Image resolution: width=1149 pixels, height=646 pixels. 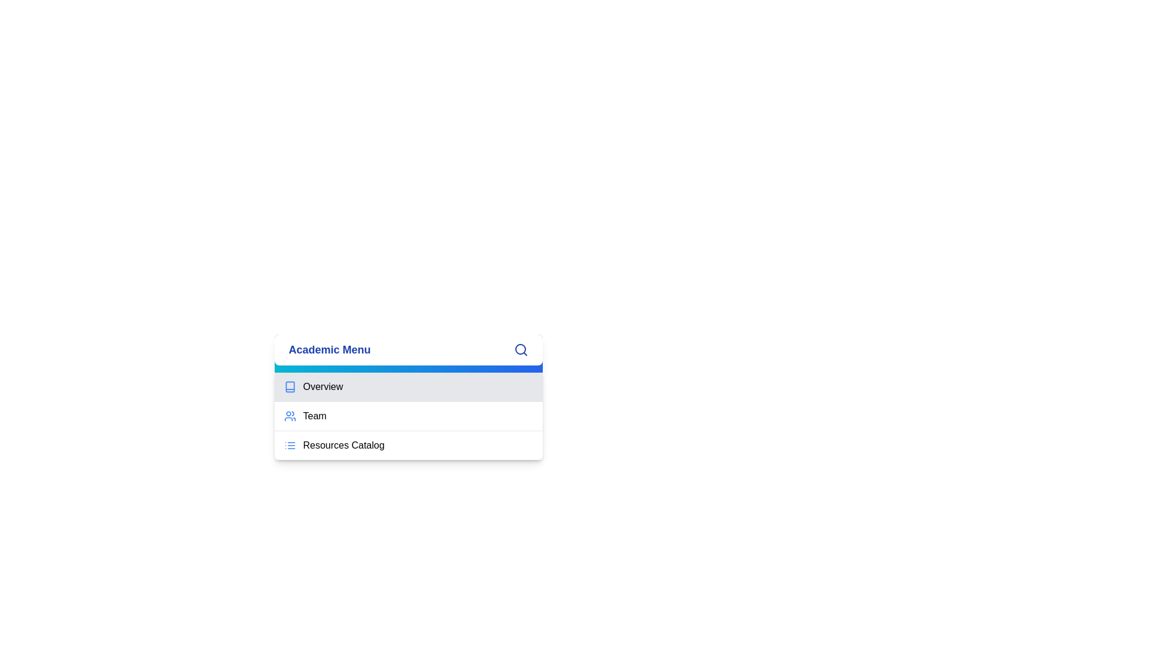 I want to click on the second clickable menu item in the 'Academic Menu' dropdown, which is related to 'Team', so click(x=408, y=409).